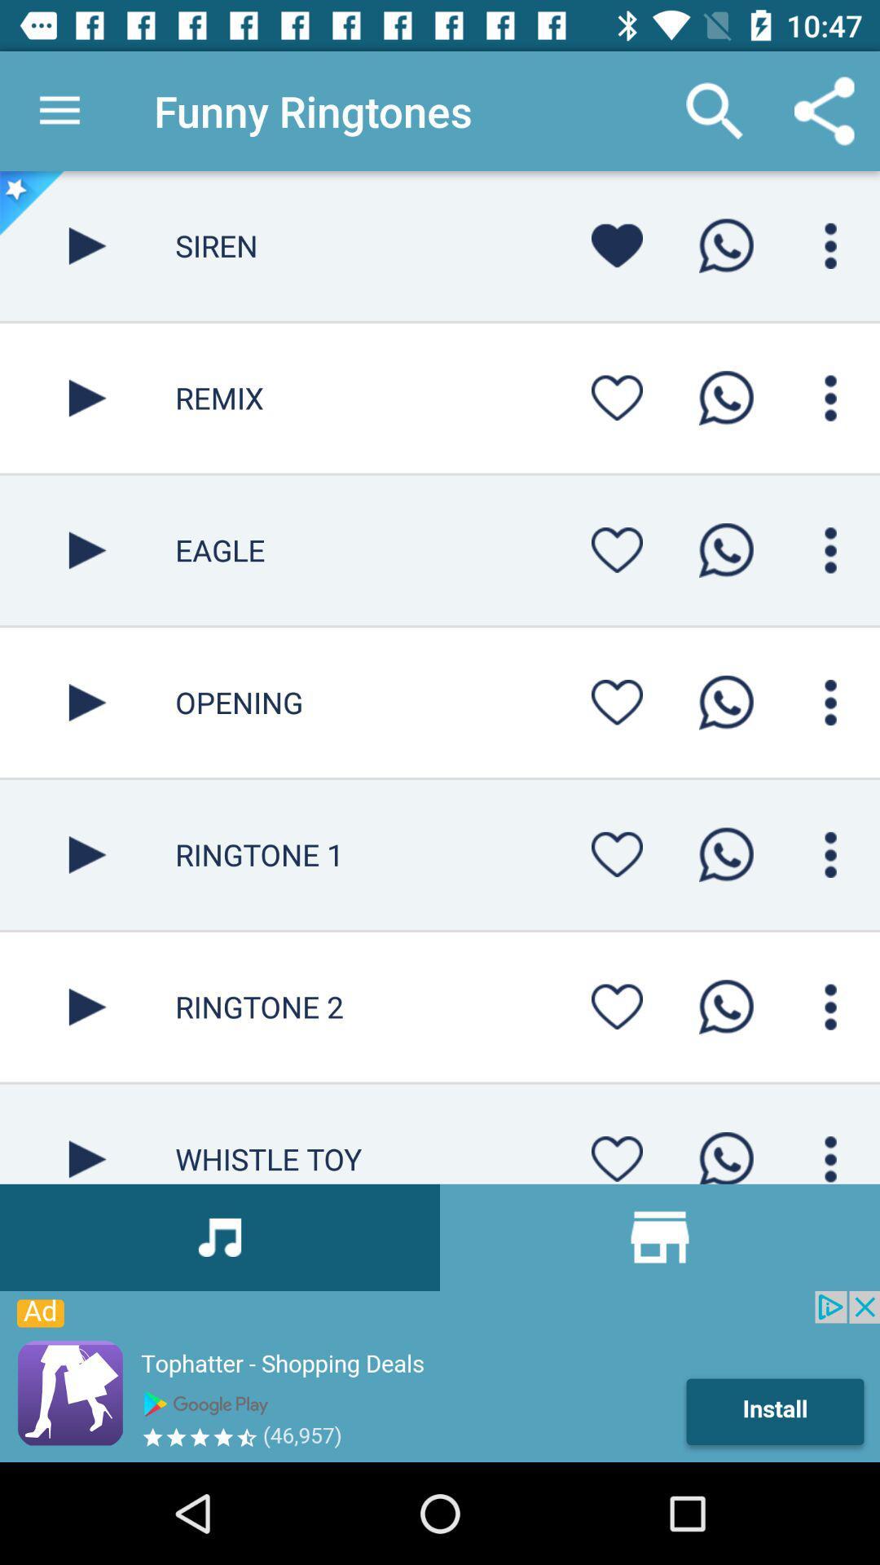 The width and height of the screenshot is (880, 1565). I want to click on like, so click(617, 550).